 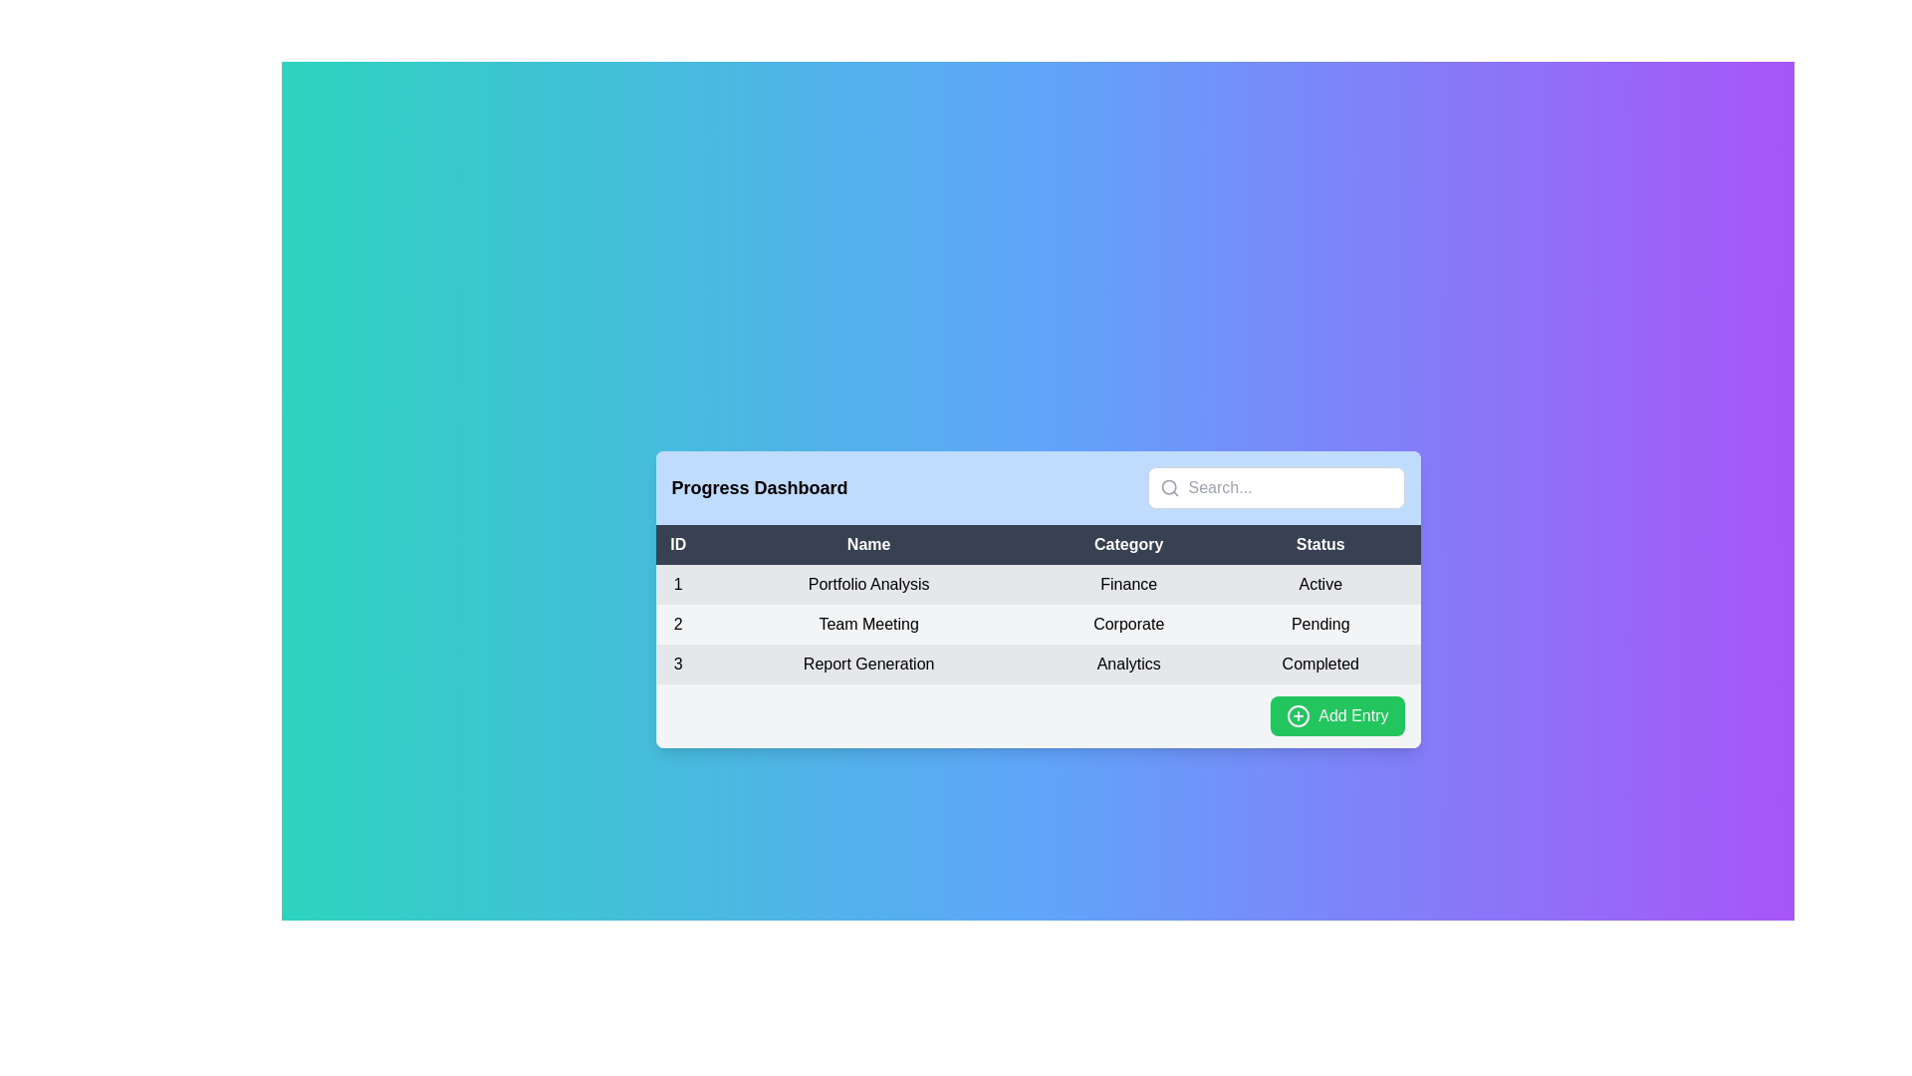 What do you see at coordinates (868, 665) in the screenshot?
I see `the 'Name' text label in the third row of the 'Progress Dashboard' table, which describes the task or entry associated with the ID value of '3'` at bounding box center [868, 665].